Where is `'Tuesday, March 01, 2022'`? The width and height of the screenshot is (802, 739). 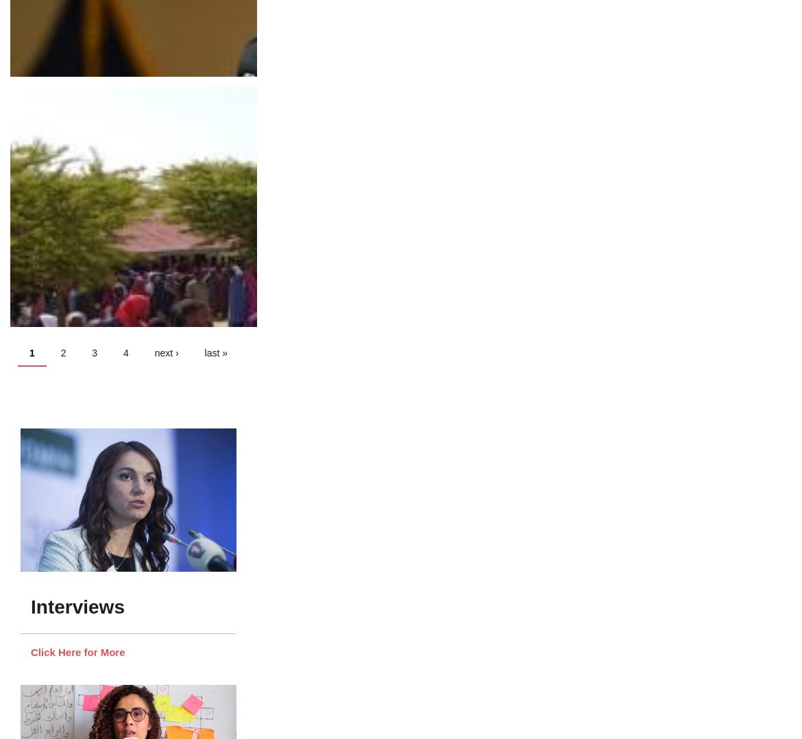
'Tuesday, March 01, 2022' is located at coordinates (73, 75).